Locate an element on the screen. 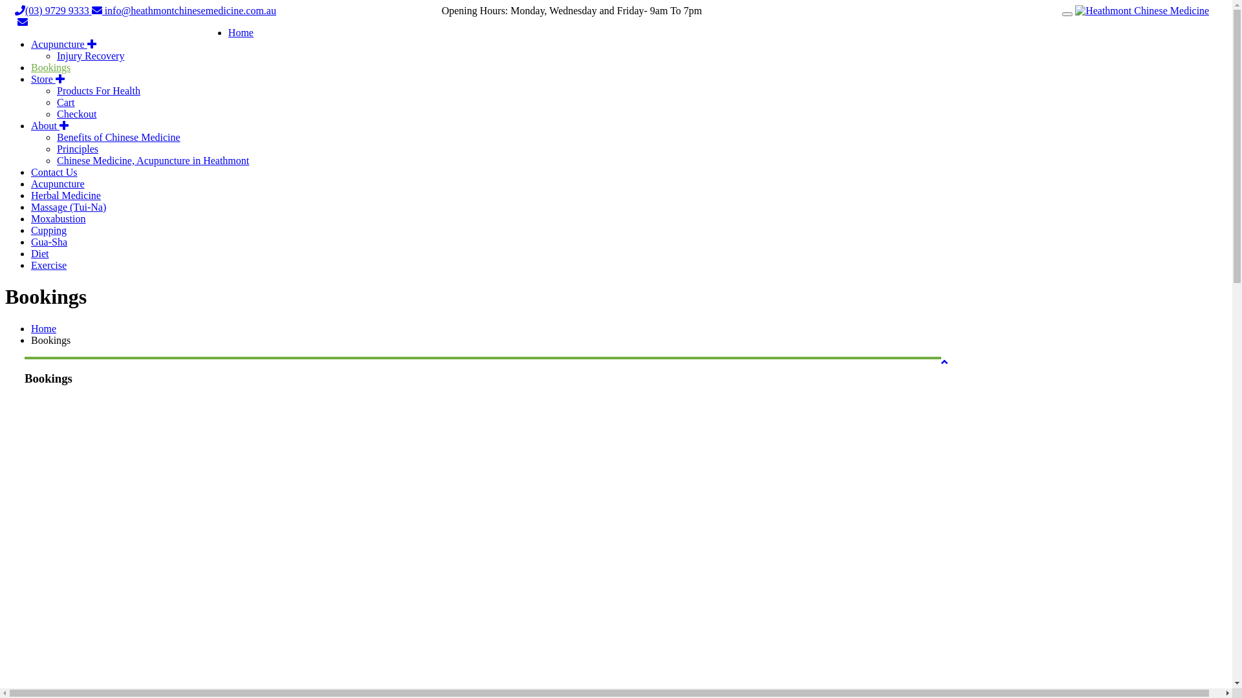  'Products For Health' is located at coordinates (98, 90).